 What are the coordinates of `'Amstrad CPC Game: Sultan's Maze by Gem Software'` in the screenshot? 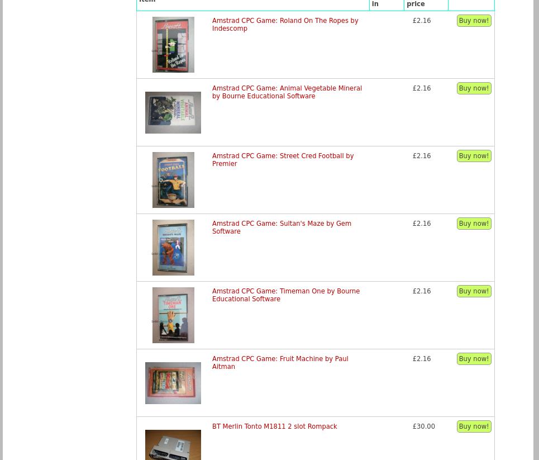 It's located at (282, 226).